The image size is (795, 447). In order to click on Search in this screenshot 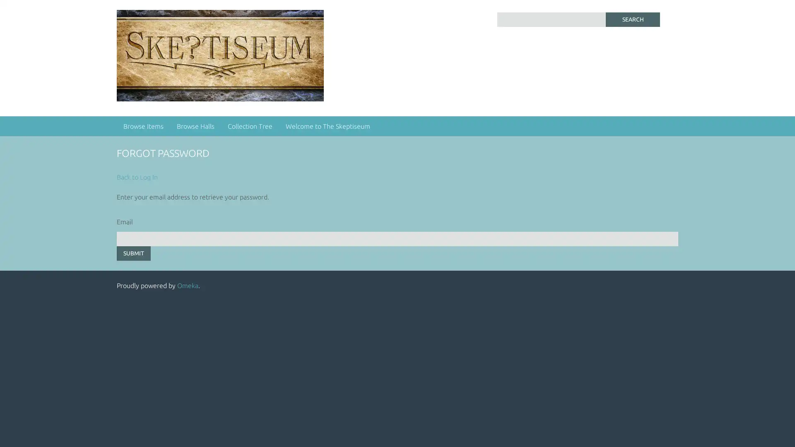, I will do `click(632, 19)`.